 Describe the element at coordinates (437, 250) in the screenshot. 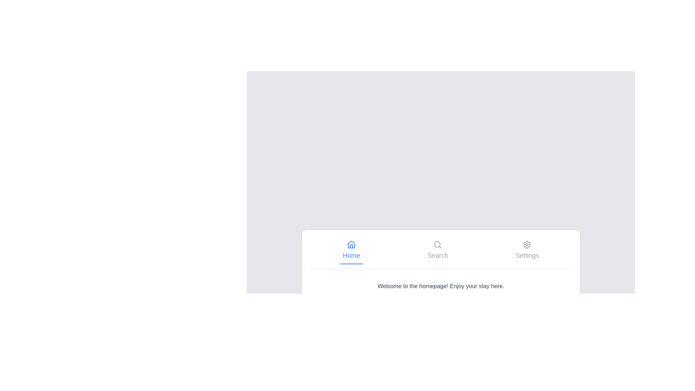

I see `the tab labeled Search to observe its visual feedback` at that location.